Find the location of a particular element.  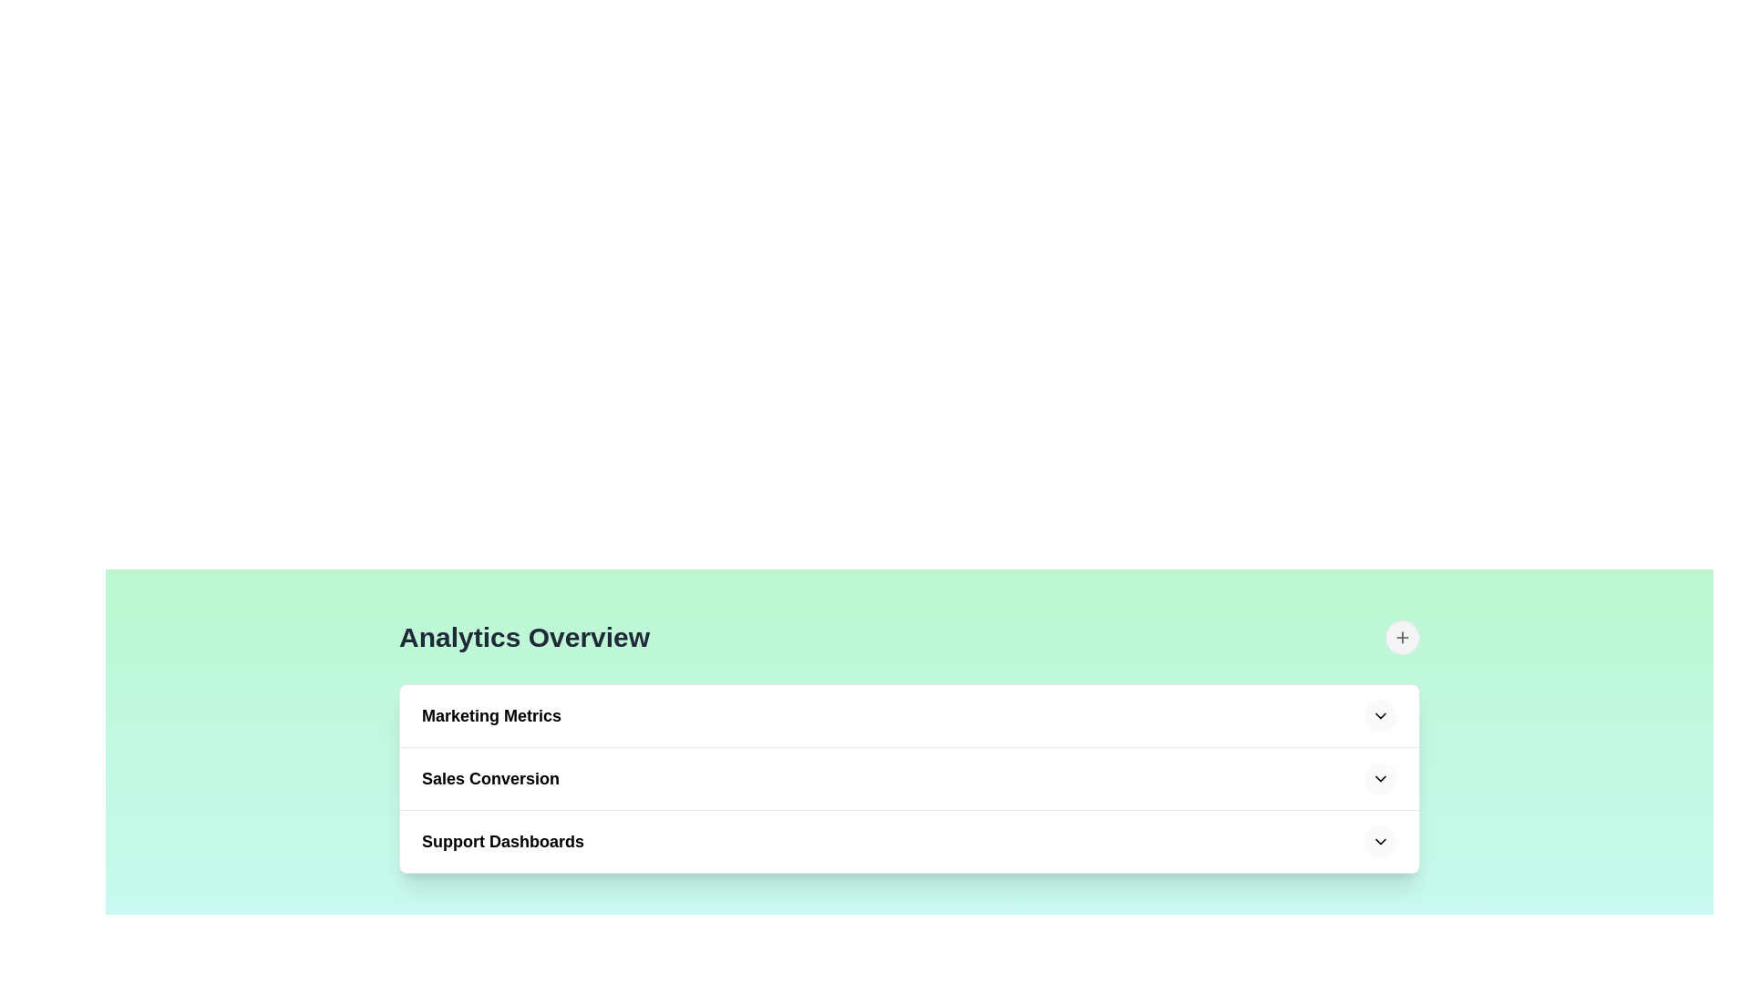

the 'Support Dashboards' menu item in the third row of the 'Analytics Overview' section is located at coordinates (910, 842).